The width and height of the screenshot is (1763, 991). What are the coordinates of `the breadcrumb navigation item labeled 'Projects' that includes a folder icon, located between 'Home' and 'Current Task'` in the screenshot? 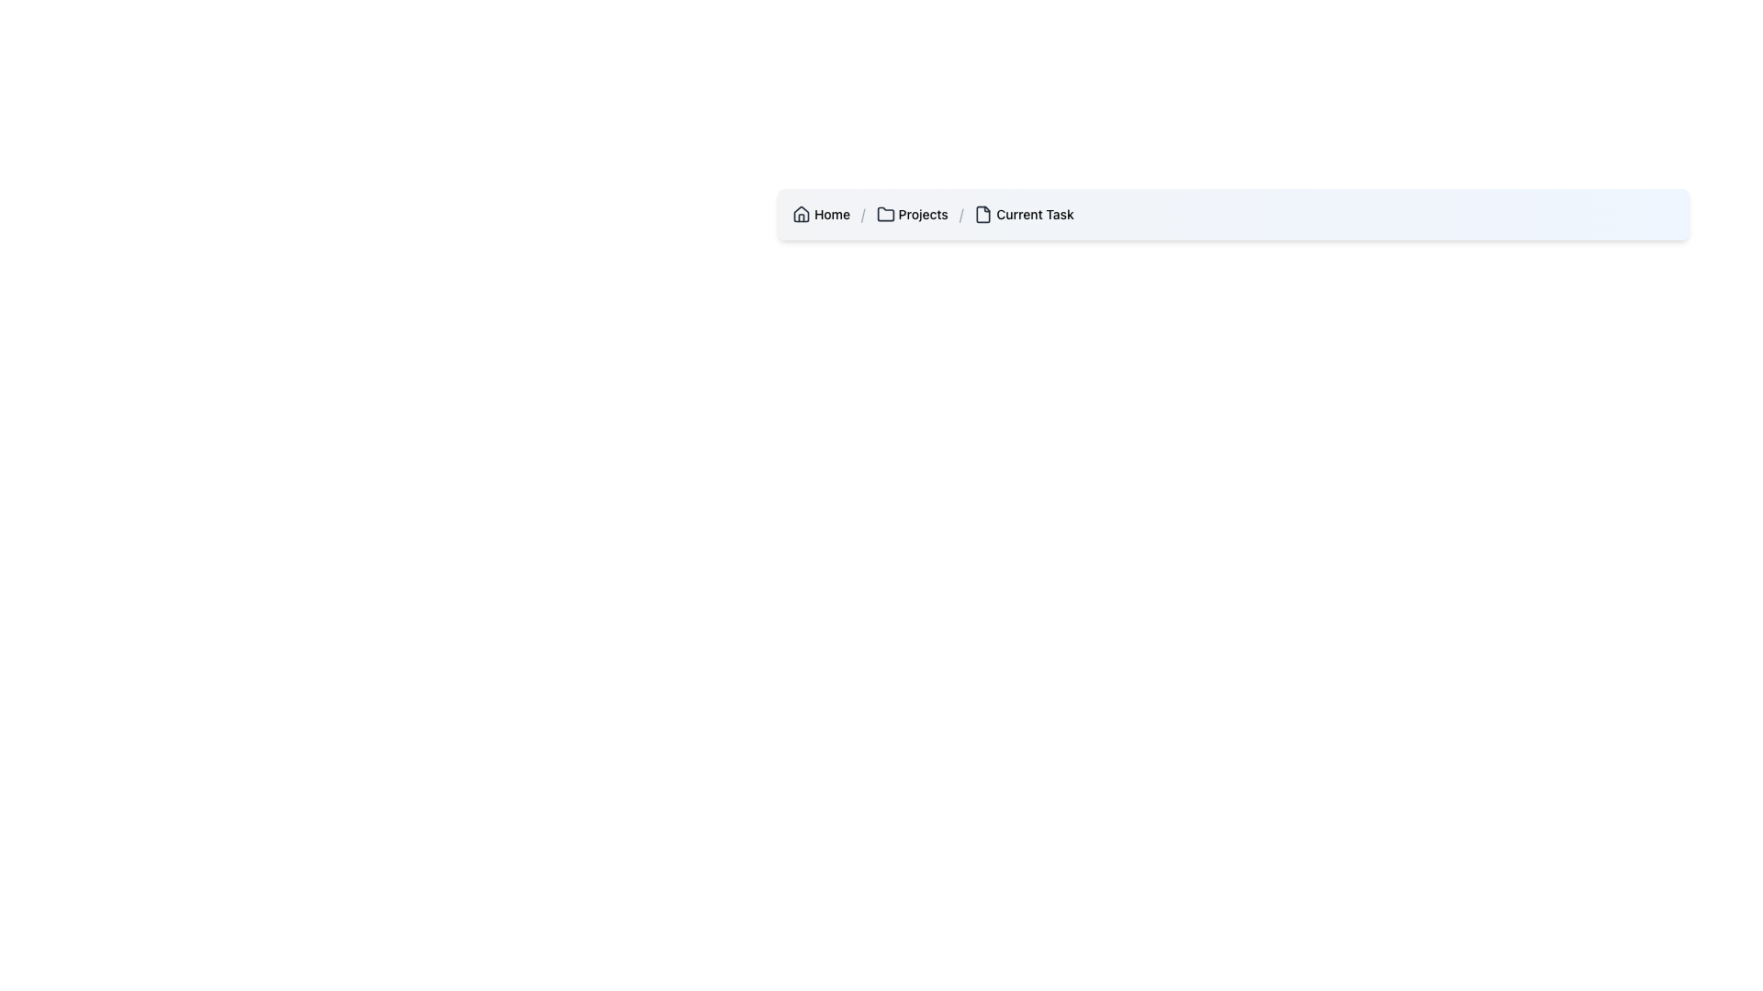 It's located at (912, 214).